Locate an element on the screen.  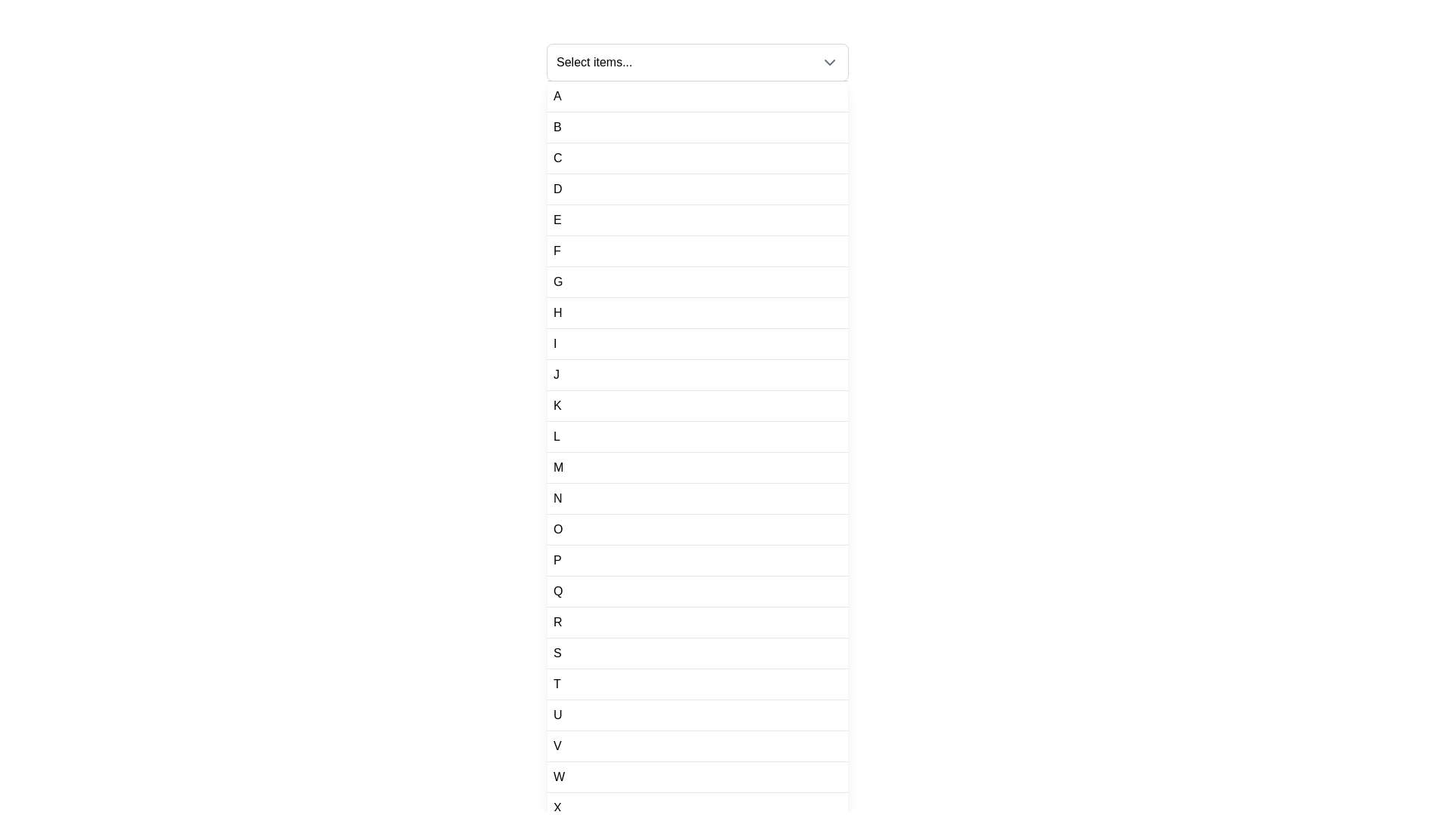
the letter 'P' element displayed in the list, which is styled in black text and positioned between 'O' and 'Q' is located at coordinates (557, 561).